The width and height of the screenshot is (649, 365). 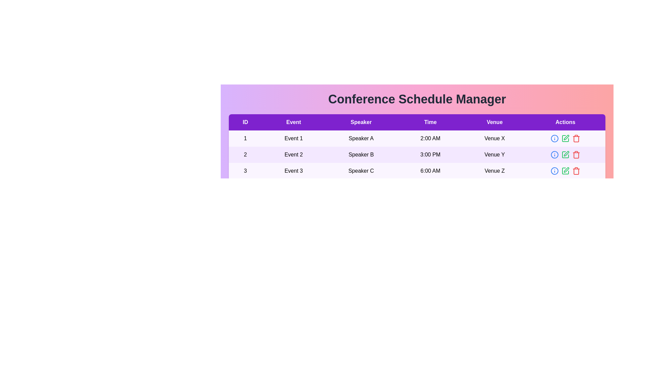 What do you see at coordinates (245, 122) in the screenshot?
I see `the column header to sort the table by ID` at bounding box center [245, 122].